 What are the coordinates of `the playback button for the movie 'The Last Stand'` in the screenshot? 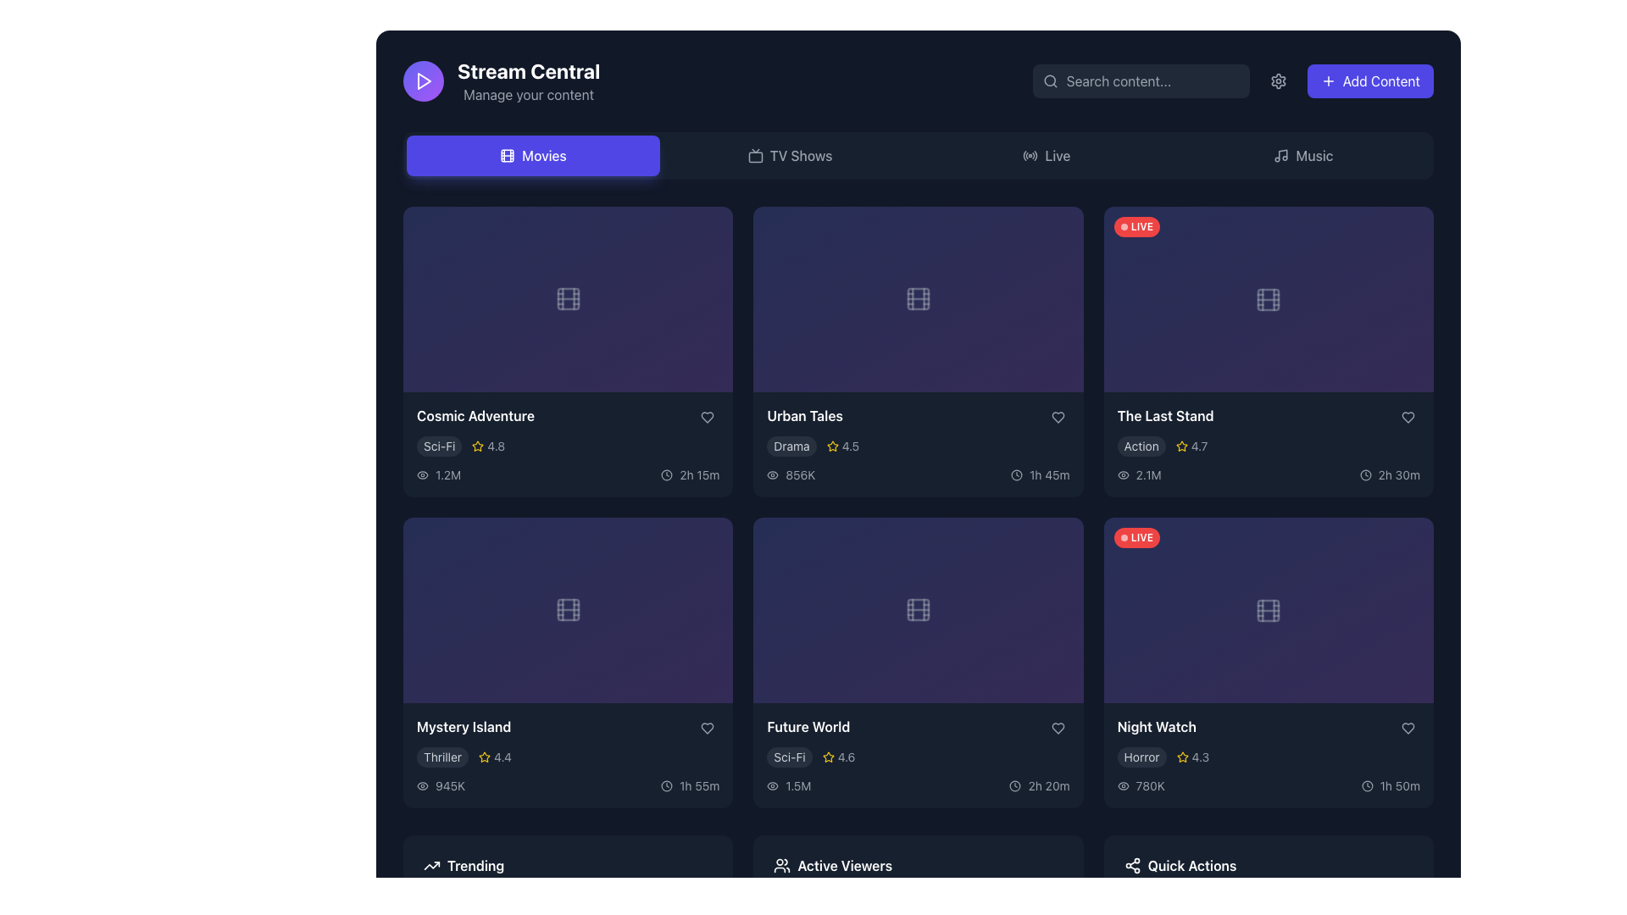 It's located at (1269, 364).